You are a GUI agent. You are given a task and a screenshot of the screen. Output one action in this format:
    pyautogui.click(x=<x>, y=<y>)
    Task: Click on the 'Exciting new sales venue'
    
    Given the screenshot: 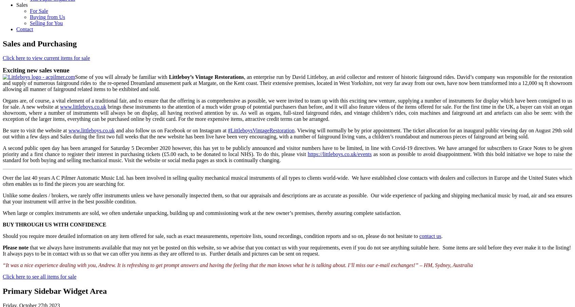 What is the action you would take?
    pyautogui.click(x=35, y=70)
    